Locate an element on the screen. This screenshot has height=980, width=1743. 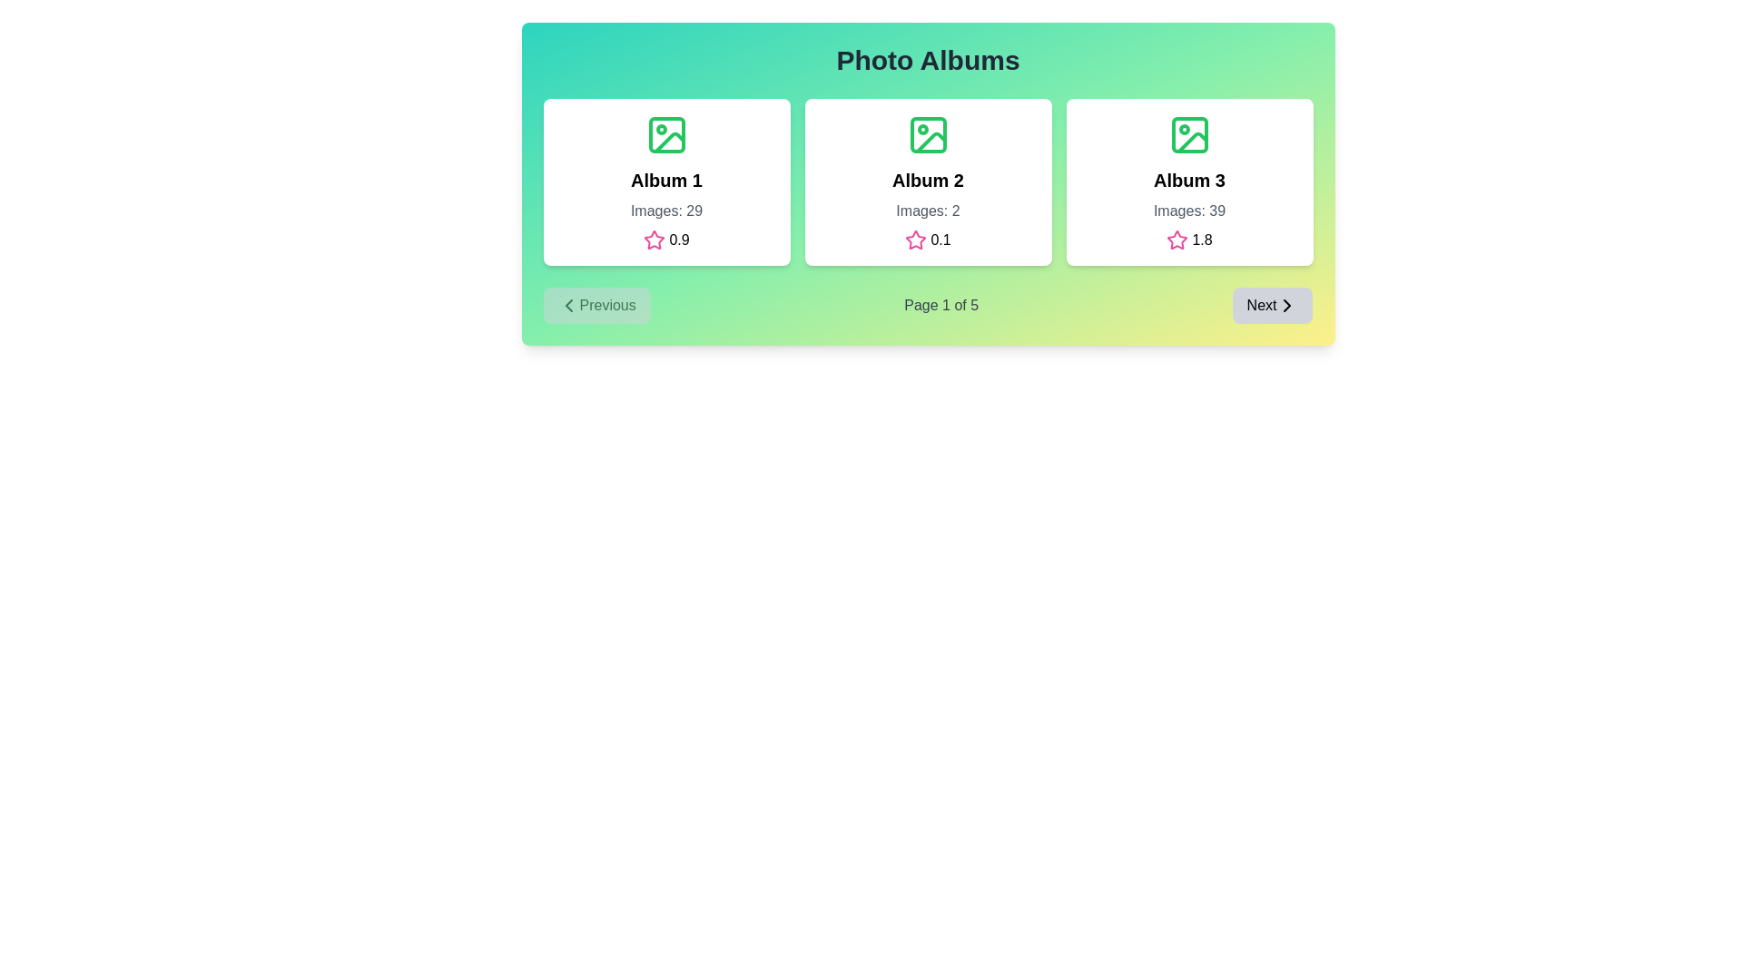
the Text Label displaying the numeric value '0.9' in black text, which is positioned to the right of the pink star icon in the rating display below the 'Album 1' card is located at coordinates (678, 240).